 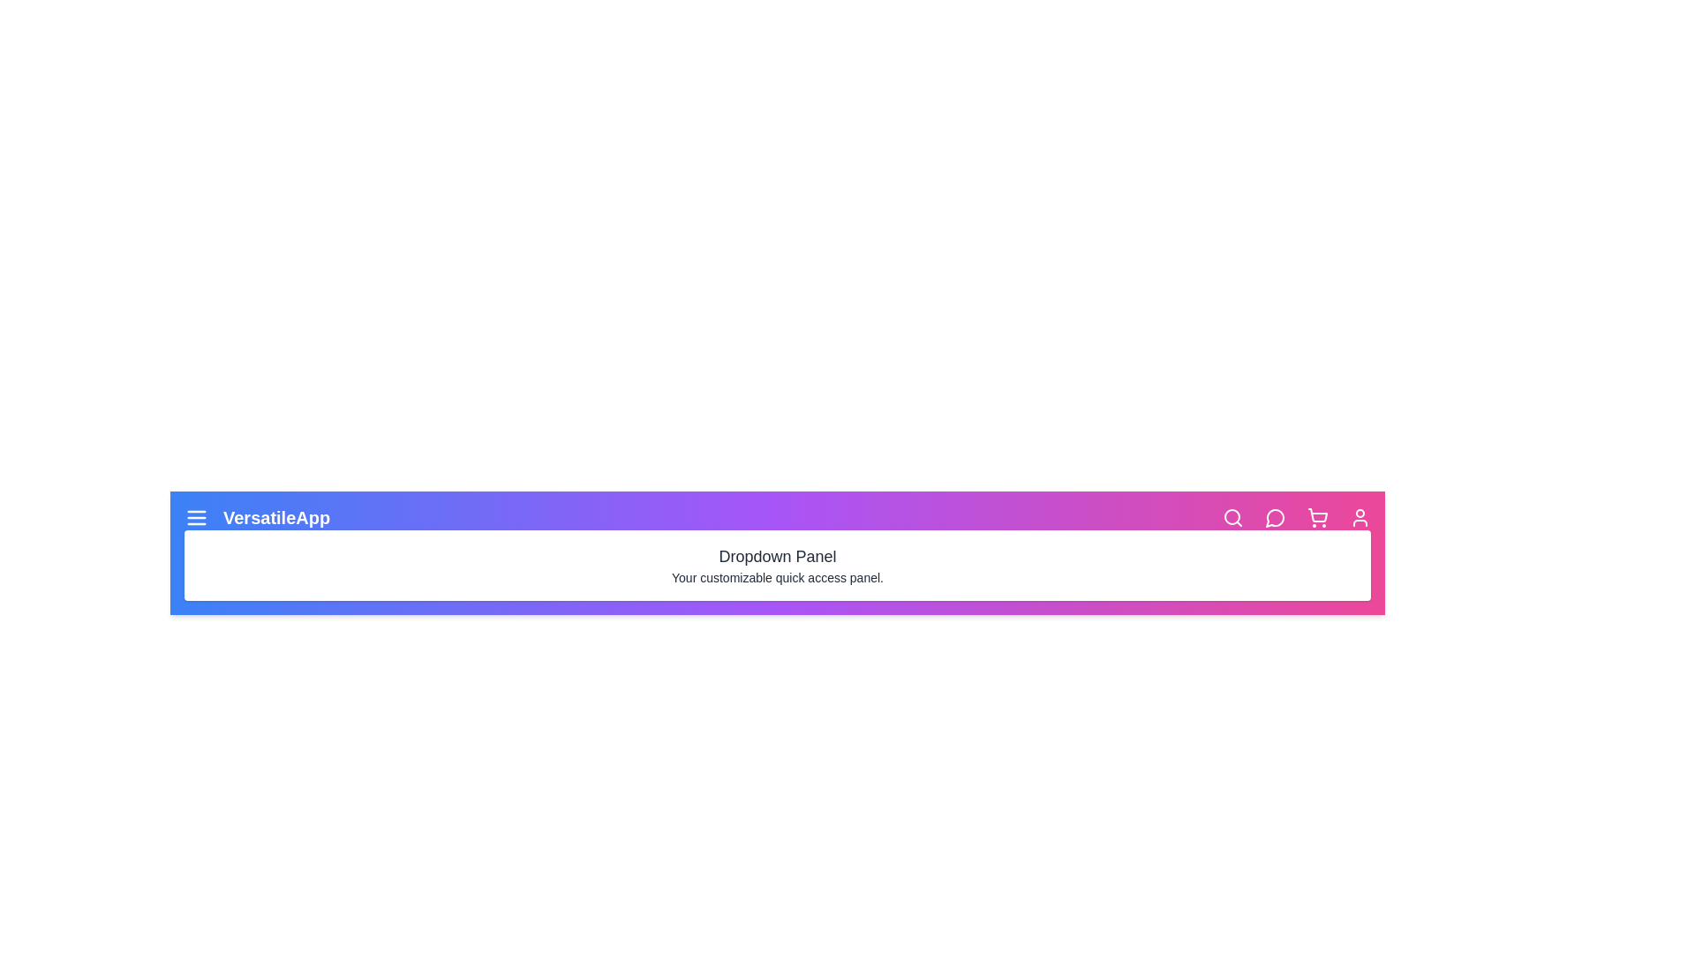 What do you see at coordinates (1232, 516) in the screenshot?
I see `the search icon to initiate a search action` at bounding box center [1232, 516].